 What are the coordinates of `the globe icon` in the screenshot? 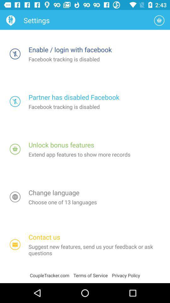 It's located at (15, 101).